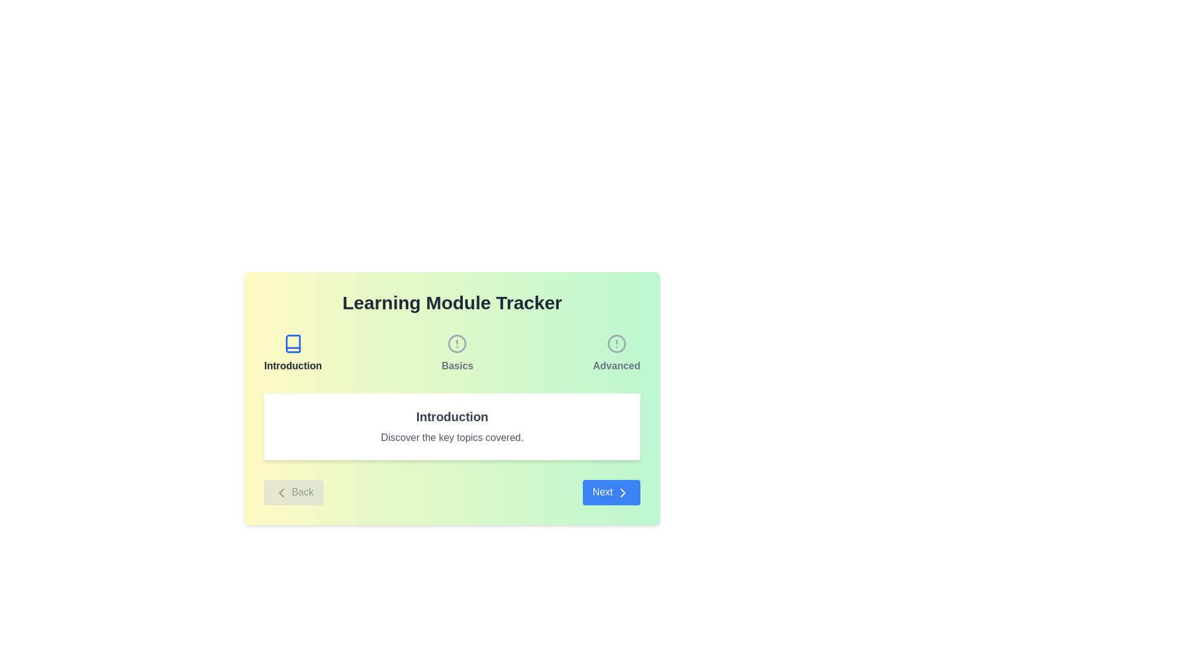 The width and height of the screenshot is (1188, 668). Describe the element at coordinates (616, 353) in the screenshot. I see `the circular icon with an exclamation mark and the text label 'Advanced'` at that location.